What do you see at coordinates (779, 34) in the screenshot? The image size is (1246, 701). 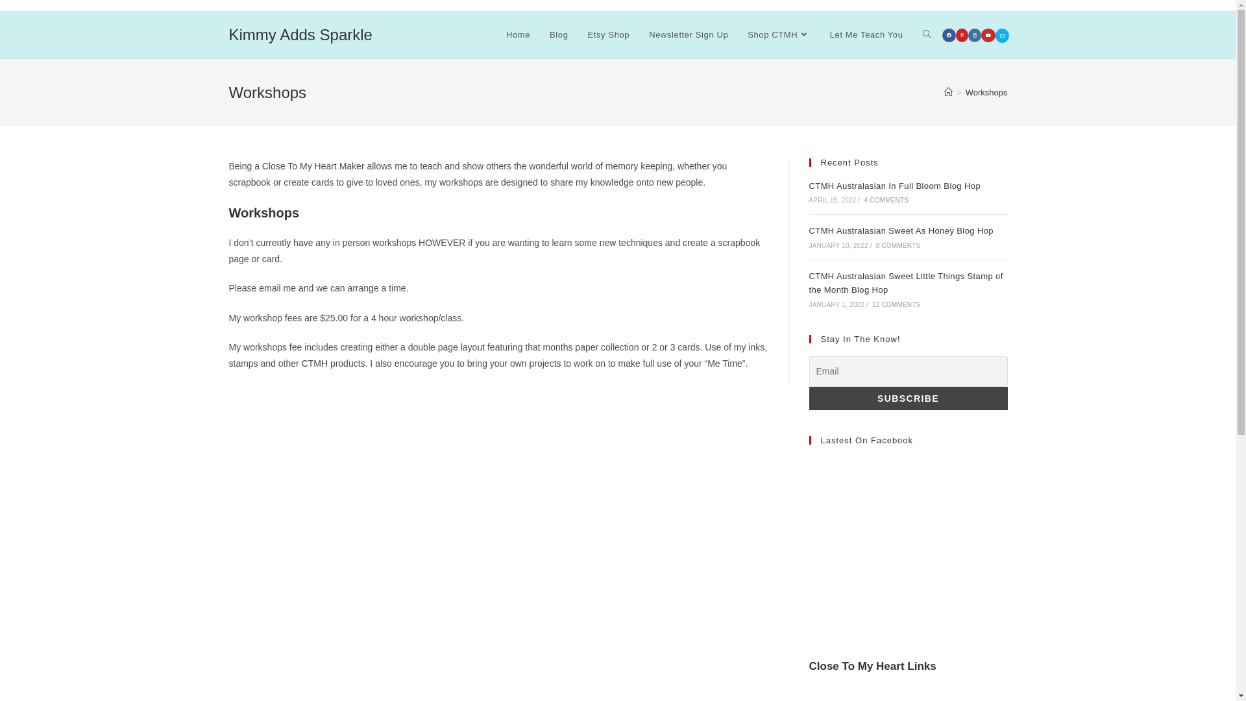 I see `'Shop CTMH'` at bounding box center [779, 34].